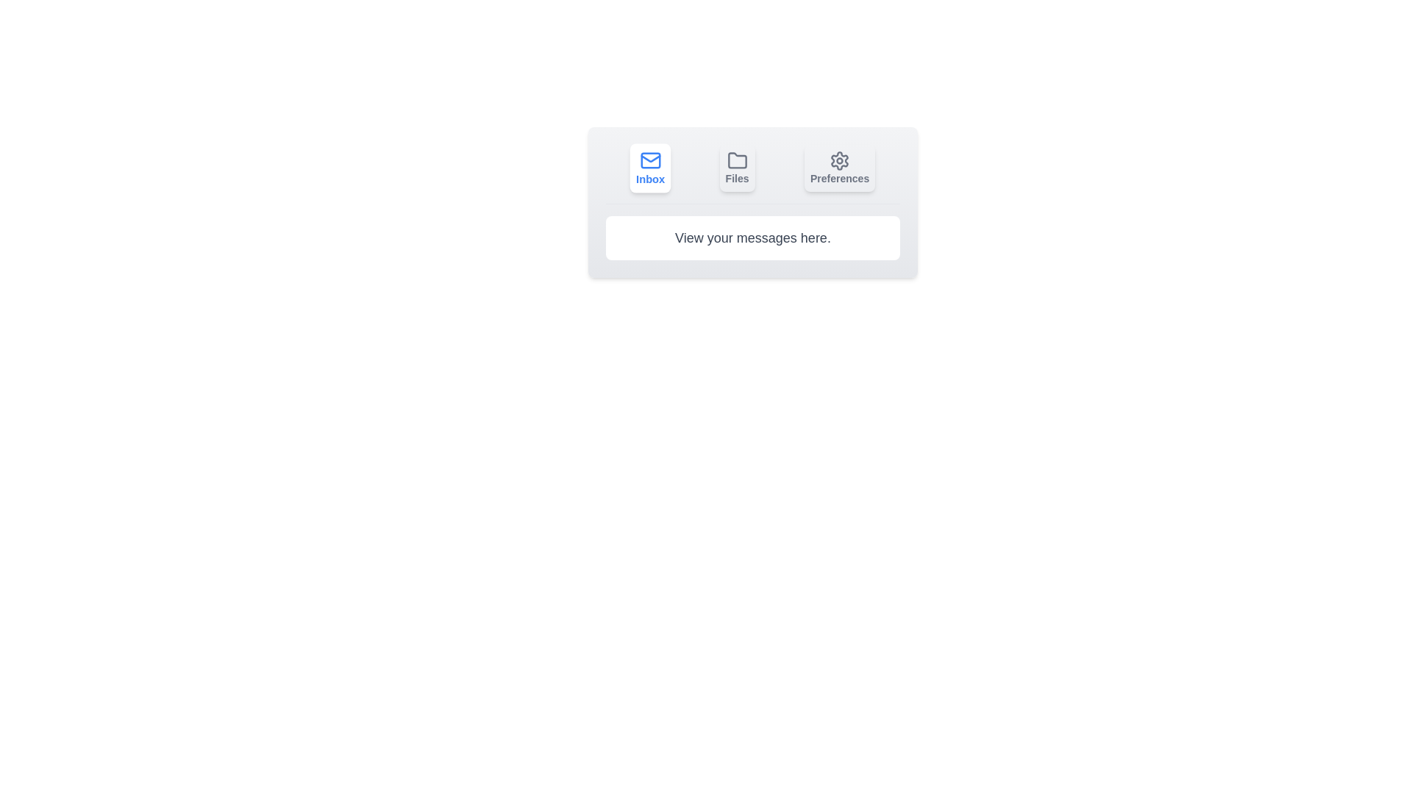 The height and width of the screenshot is (794, 1412). Describe the element at coordinates (649, 178) in the screenshot. I see `the 'Inbox' button, which is the leftmost button in a horizontal set of options, displaying the text 'Inbox' in blue below an envelope icon` at that location.